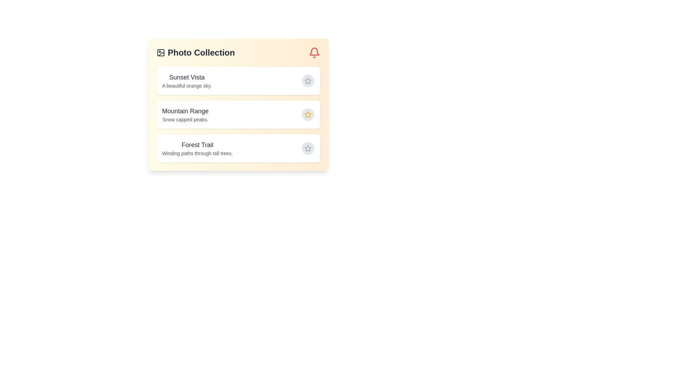  Describe the element at coordinates (238, 114) in the screenshot. I see `the item with title Mountain Range` at that location.